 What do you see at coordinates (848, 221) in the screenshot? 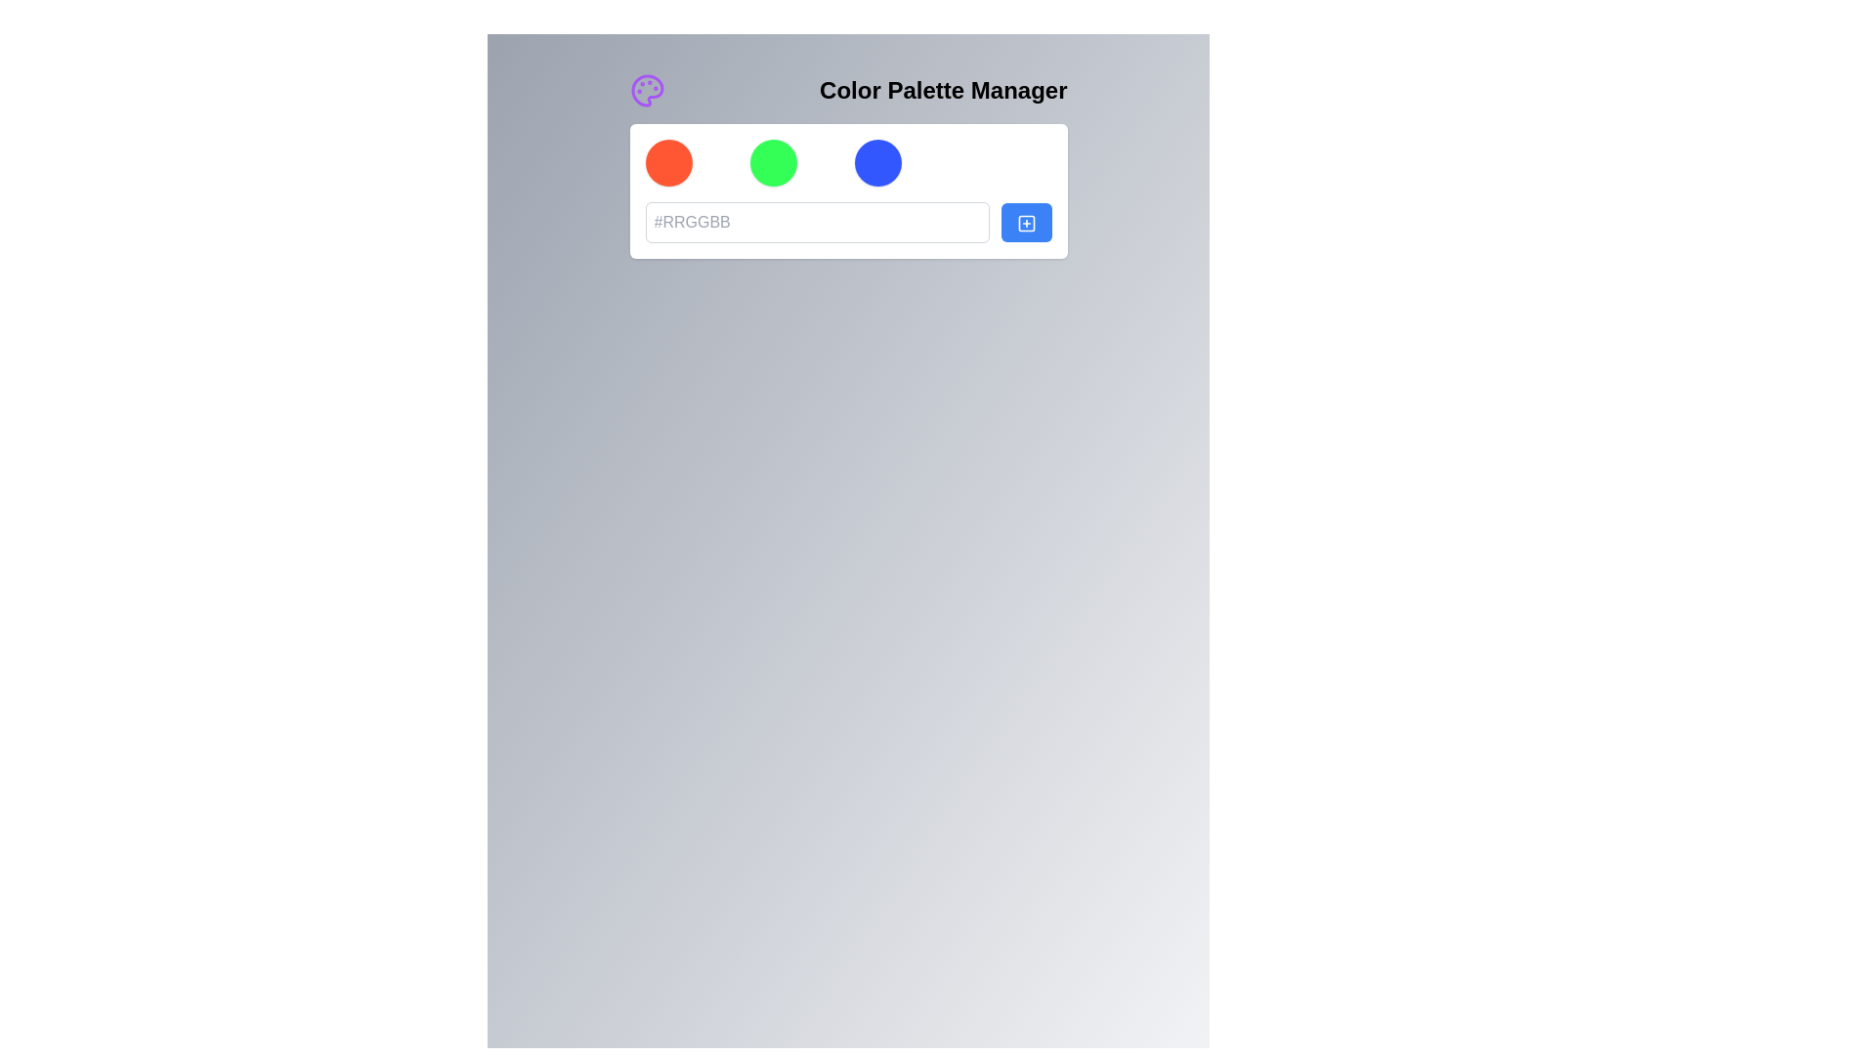
I see `the color input field or the adjacent blue button in the 'Color Palette Manager' section` at bounding box center [848, 221].